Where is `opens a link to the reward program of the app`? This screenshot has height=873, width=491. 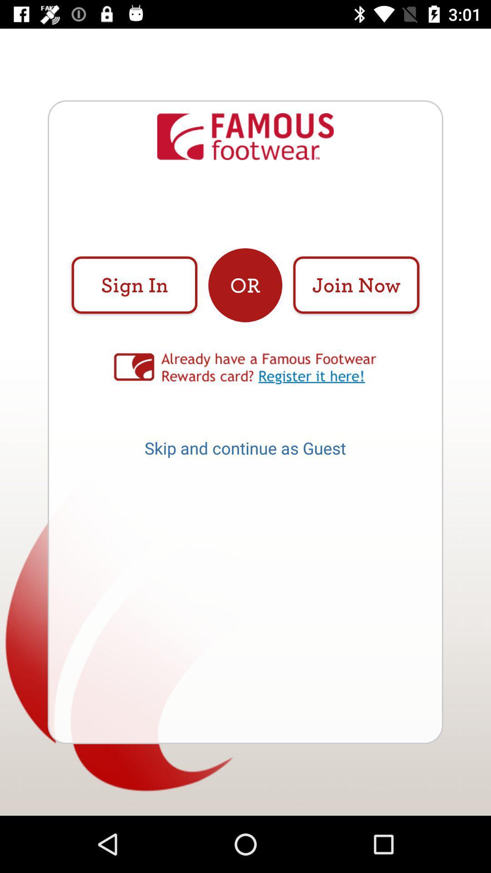
opens a link to the reward program of the app is located at coordinates (245, 369).